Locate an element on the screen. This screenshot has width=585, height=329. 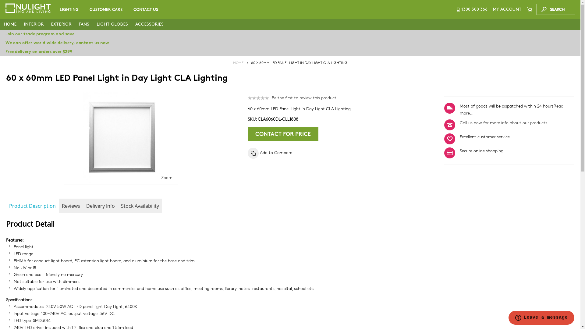
'ACCESSORIES' is located at coordinates (149, 24).